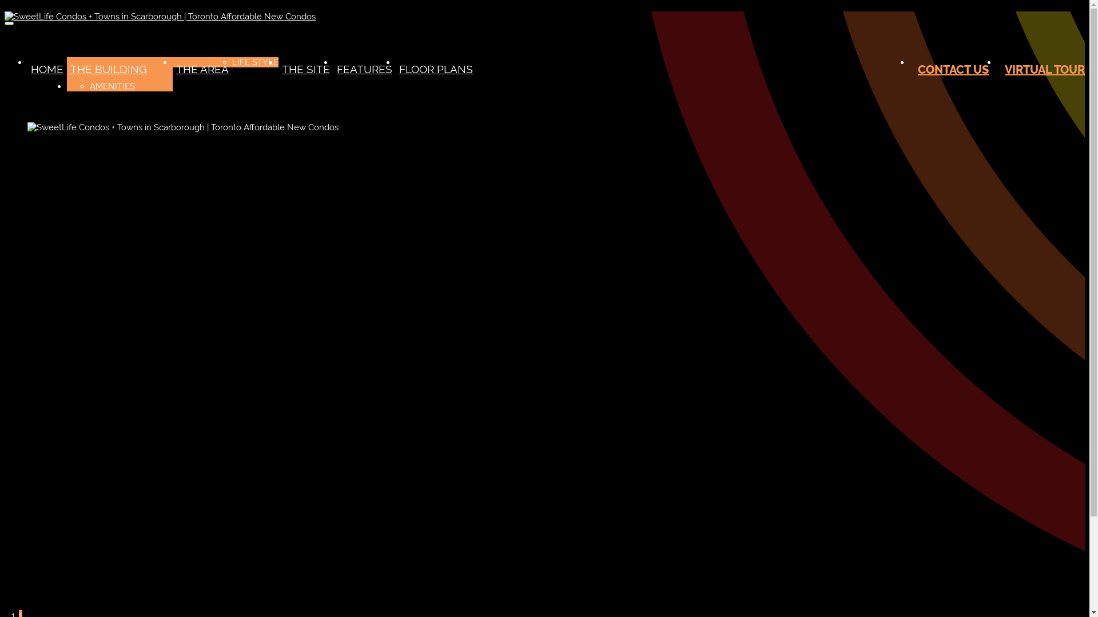 This screenshot has width=1098, height=617. What do you see at coordinates (364, 69) in the screenshot?
I see `'FEATURES'` at bounding box center [364, 69].